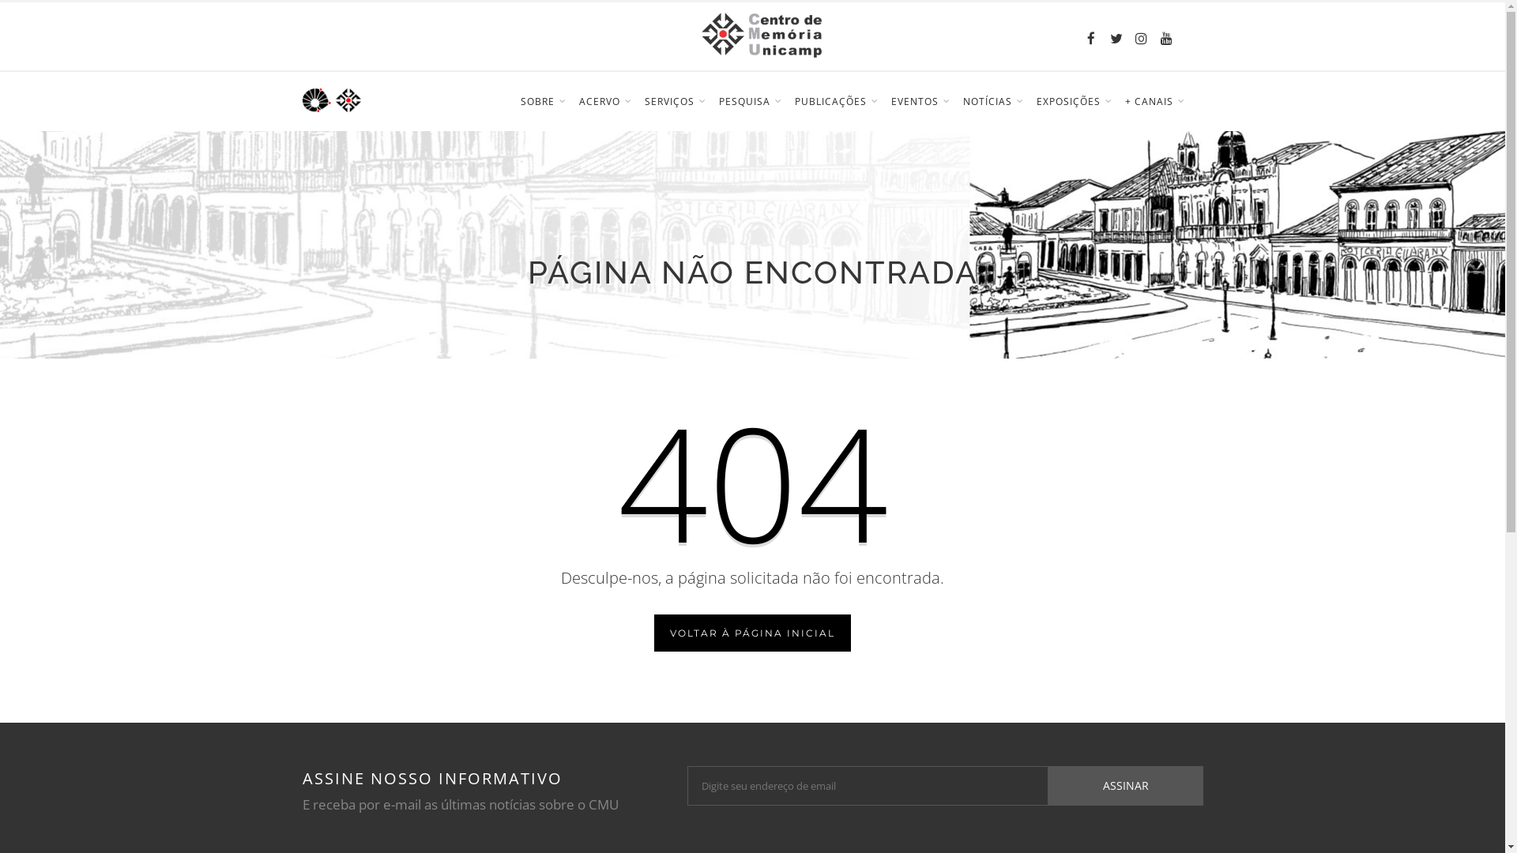 This screenshot has height=853, width=1517. I want to click on 'ASSINAR', so click(1125, 786).